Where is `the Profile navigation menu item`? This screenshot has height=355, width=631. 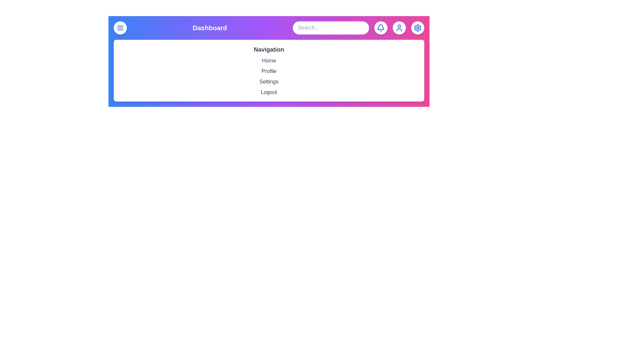
the Profile navigation menu item is located at coordinates (269, 71).